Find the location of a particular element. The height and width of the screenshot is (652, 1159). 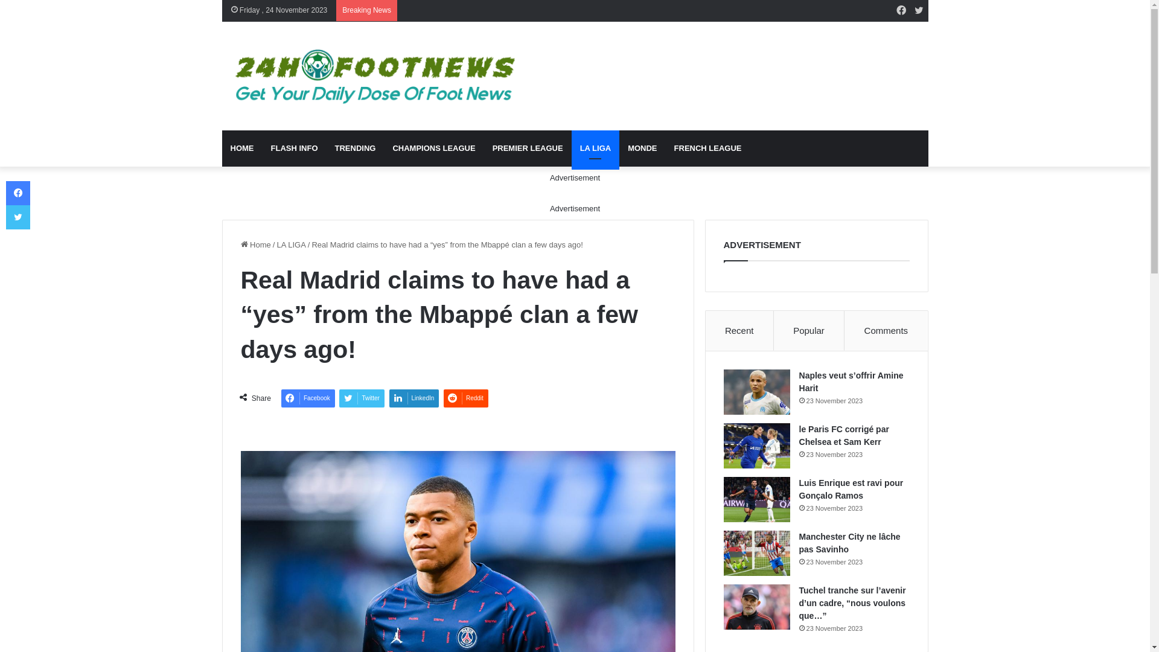

'24hfootnews' is located at coordinates (371, 76).